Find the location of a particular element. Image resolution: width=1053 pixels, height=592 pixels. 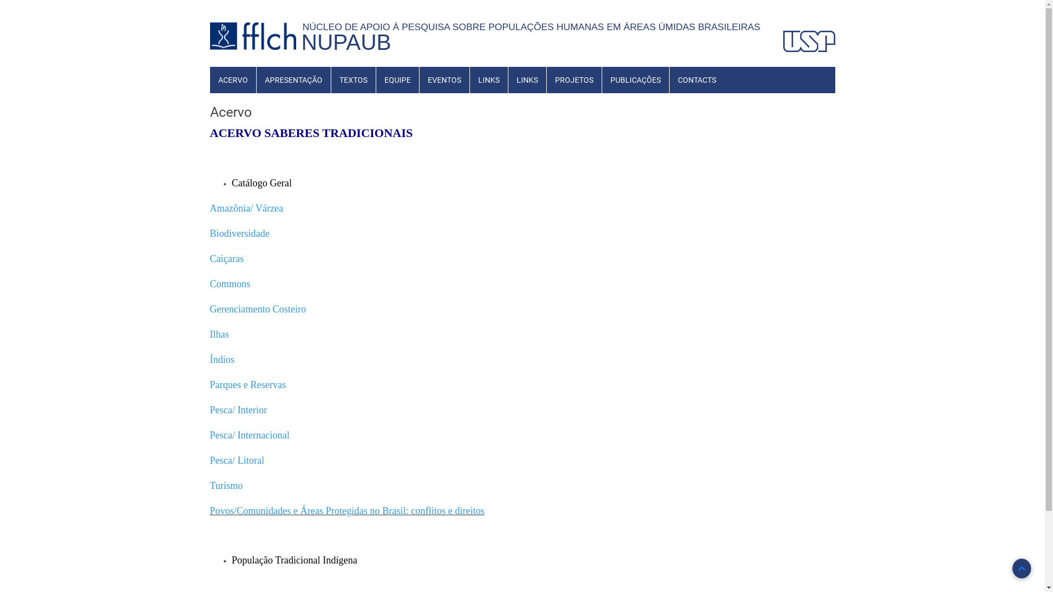

'Pesca/ Interior' is located at coordinates (210, 411).